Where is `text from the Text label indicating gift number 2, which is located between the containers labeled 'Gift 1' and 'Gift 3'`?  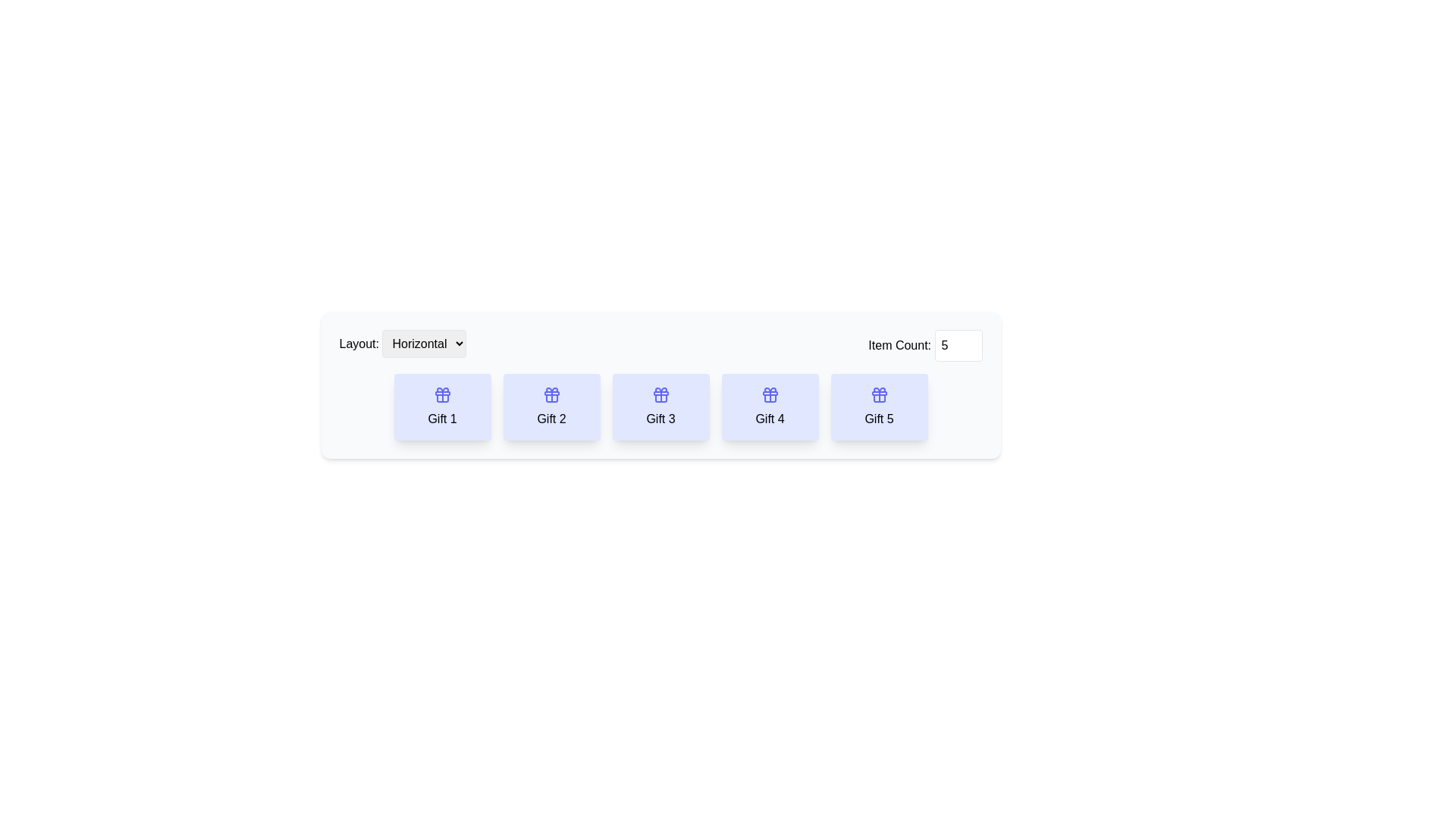
text from the Text label indicating gift number 2, which is located between the containers labeled 'Gift 1' and 'Gift 3' is located at coordinates (551, 419).